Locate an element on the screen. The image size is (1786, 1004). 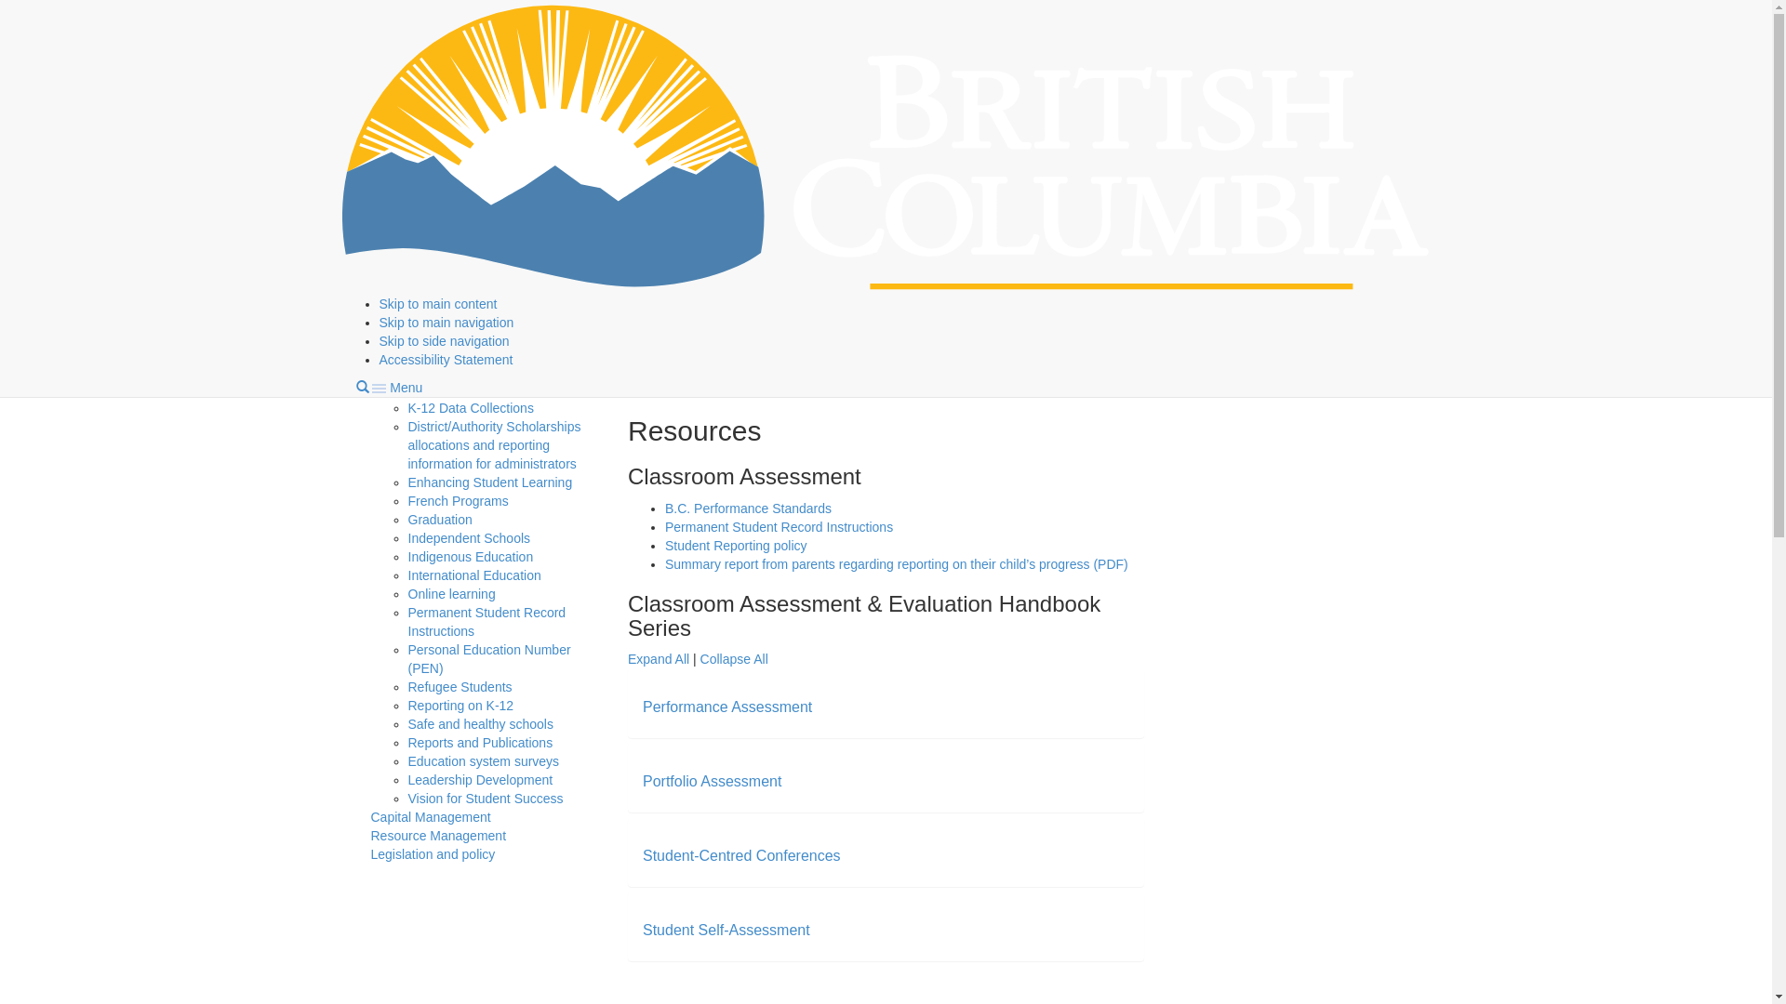
'Curriculum.Assessment@gov.bc.ca' is located at coordinates (1273, 210).